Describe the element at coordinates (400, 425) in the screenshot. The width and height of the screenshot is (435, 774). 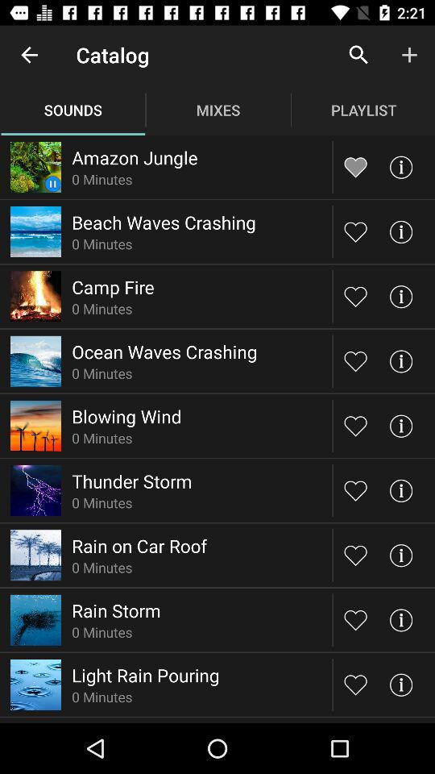
I see `more information` at that location.